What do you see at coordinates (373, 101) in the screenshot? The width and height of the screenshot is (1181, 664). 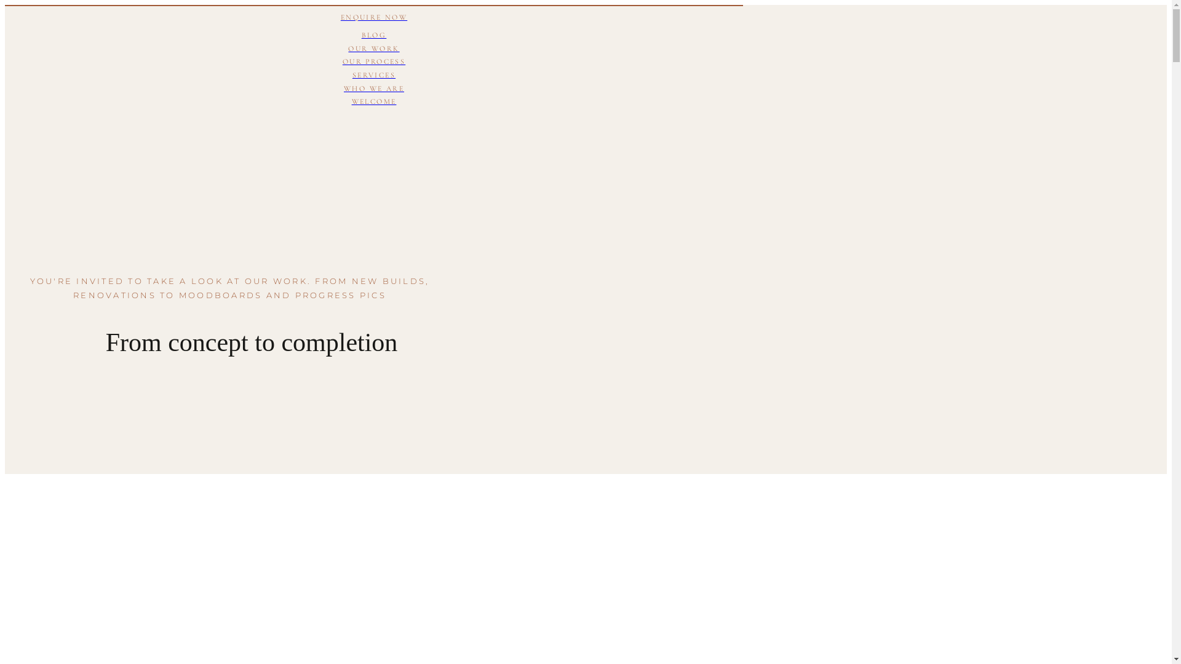 I see `'WELCOME'` at bounding box center [373, 101].